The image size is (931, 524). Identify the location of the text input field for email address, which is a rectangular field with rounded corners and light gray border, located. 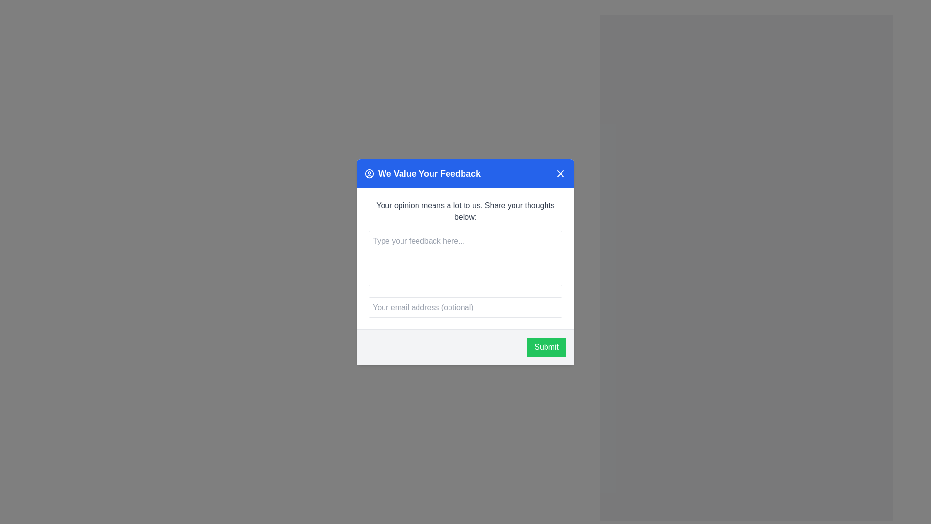
(465, 307).